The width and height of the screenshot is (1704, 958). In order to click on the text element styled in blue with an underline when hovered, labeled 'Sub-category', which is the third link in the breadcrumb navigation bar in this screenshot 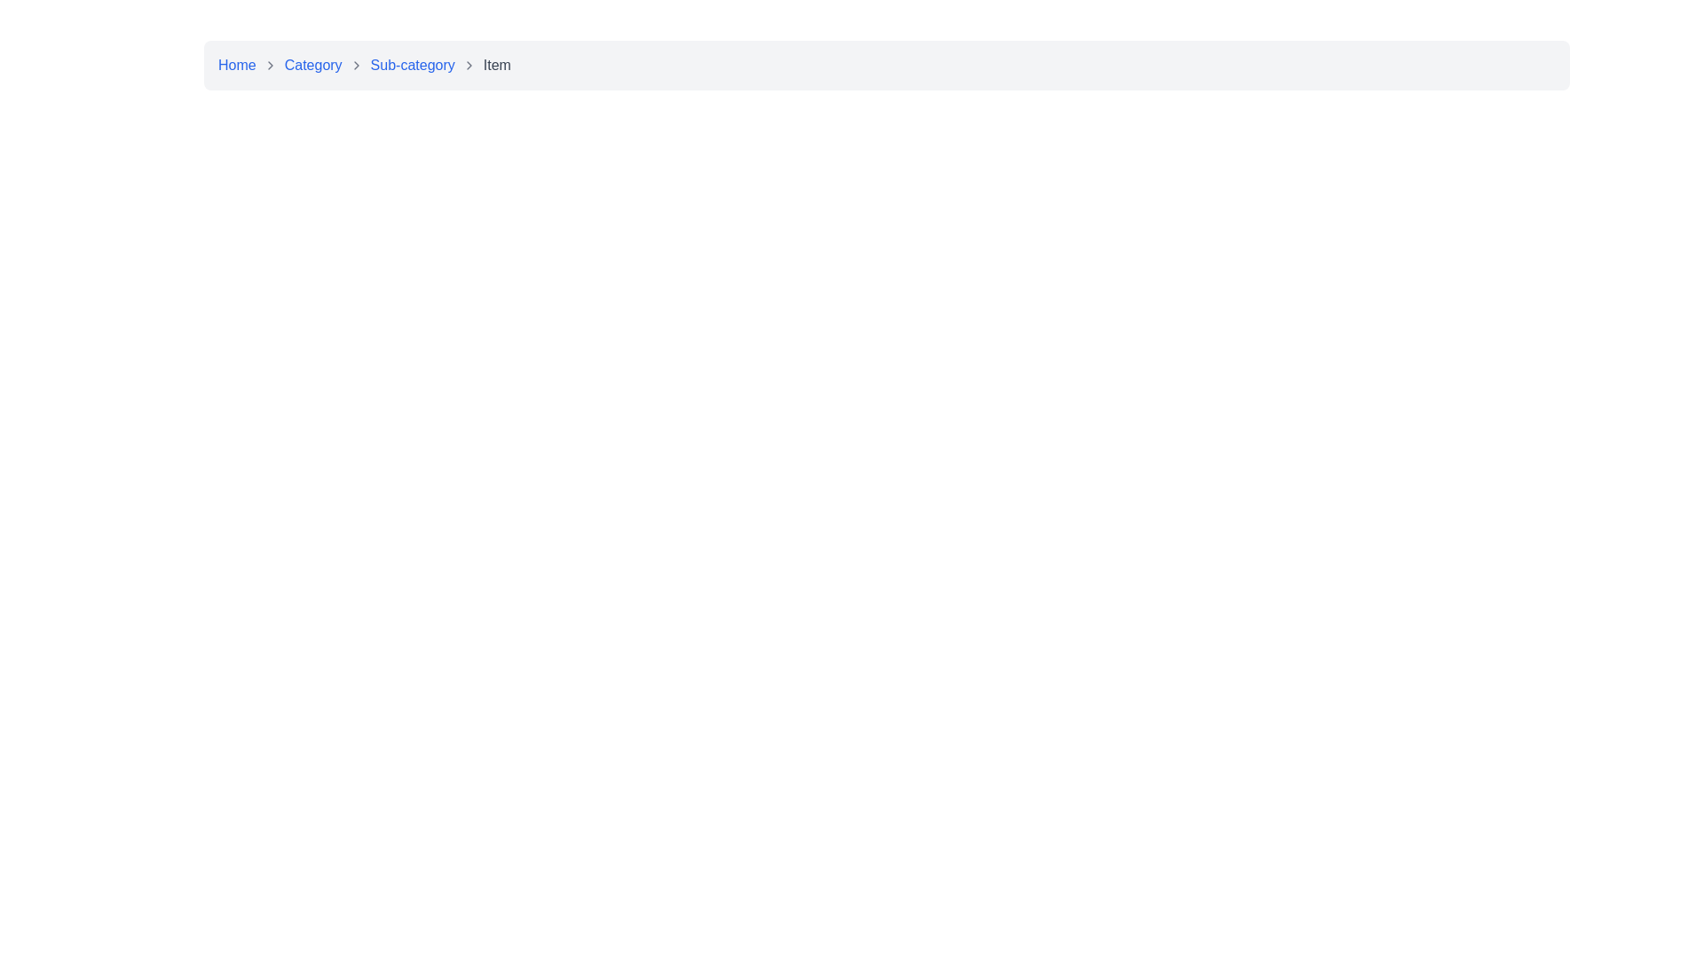, I will do `click(412, 64)`.